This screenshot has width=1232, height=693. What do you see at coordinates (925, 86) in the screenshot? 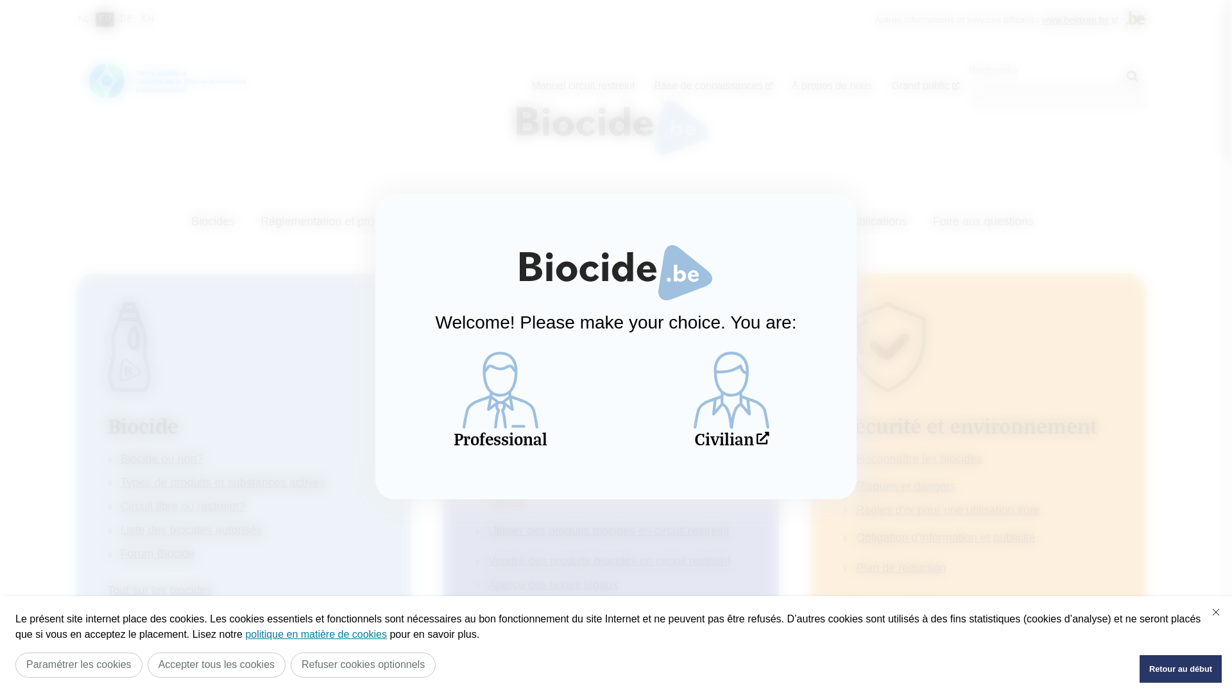
I see `'Grand public'` at bounding box center [925, 86].